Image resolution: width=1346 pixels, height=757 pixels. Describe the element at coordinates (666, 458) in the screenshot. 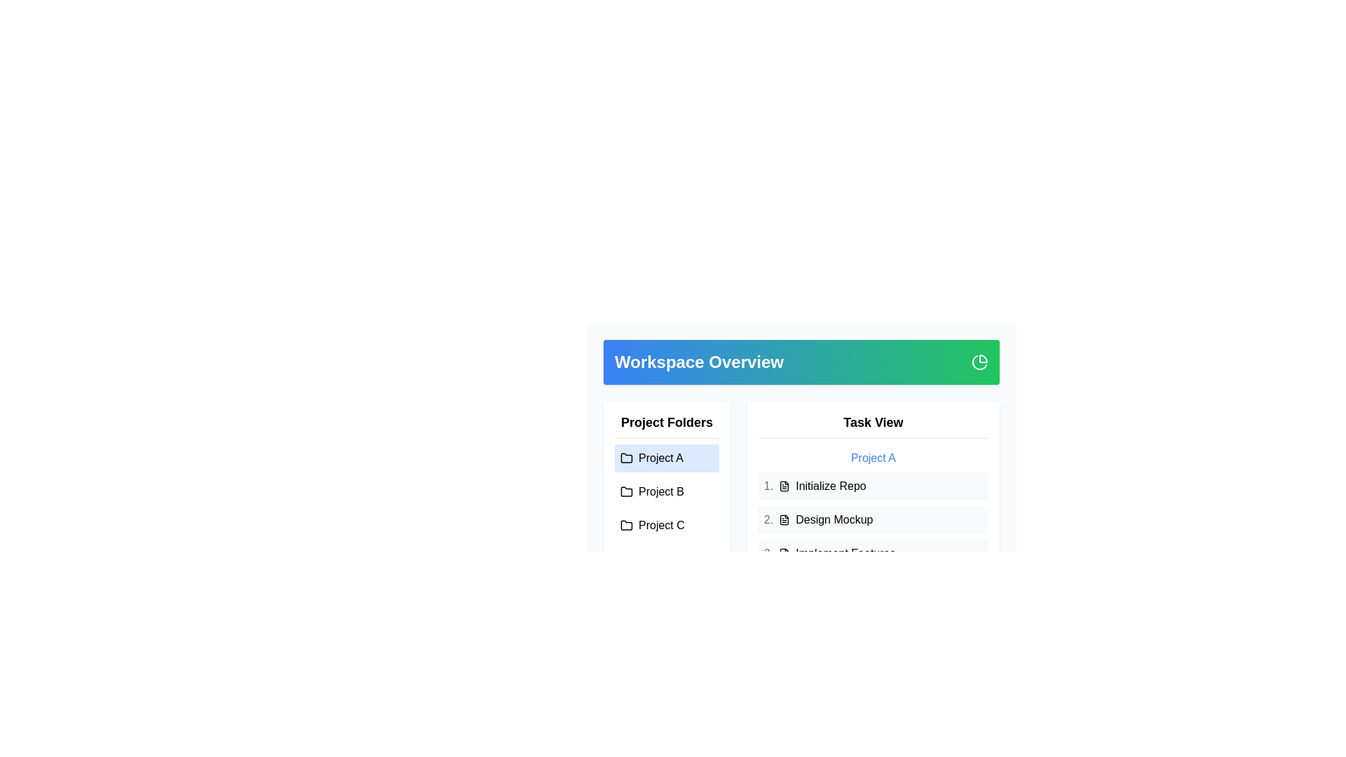

I see `the clickable list item labeled 'Project A' within the 'Project Folders' menu` at that location.